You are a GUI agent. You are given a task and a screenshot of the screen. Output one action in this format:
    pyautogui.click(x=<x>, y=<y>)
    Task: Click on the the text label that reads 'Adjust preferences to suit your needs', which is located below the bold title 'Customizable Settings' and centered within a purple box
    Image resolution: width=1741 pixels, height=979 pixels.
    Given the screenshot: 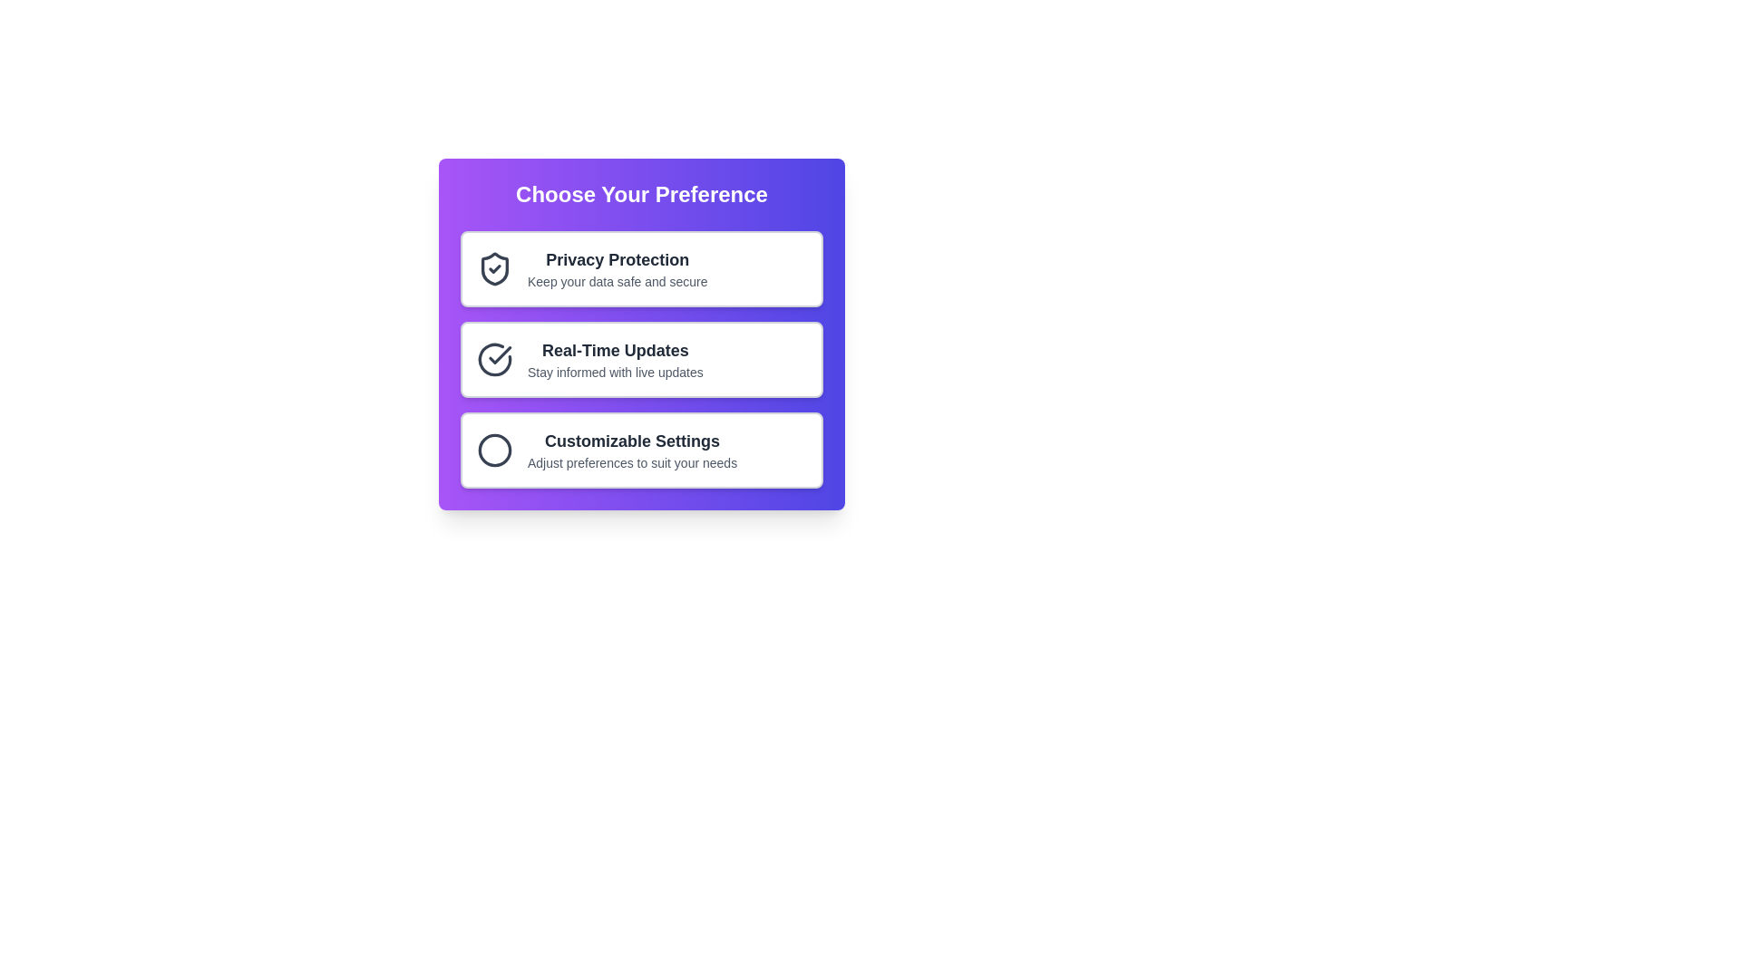 What is the action you would take?
    pyautogui.click(x=632, y=461)
    